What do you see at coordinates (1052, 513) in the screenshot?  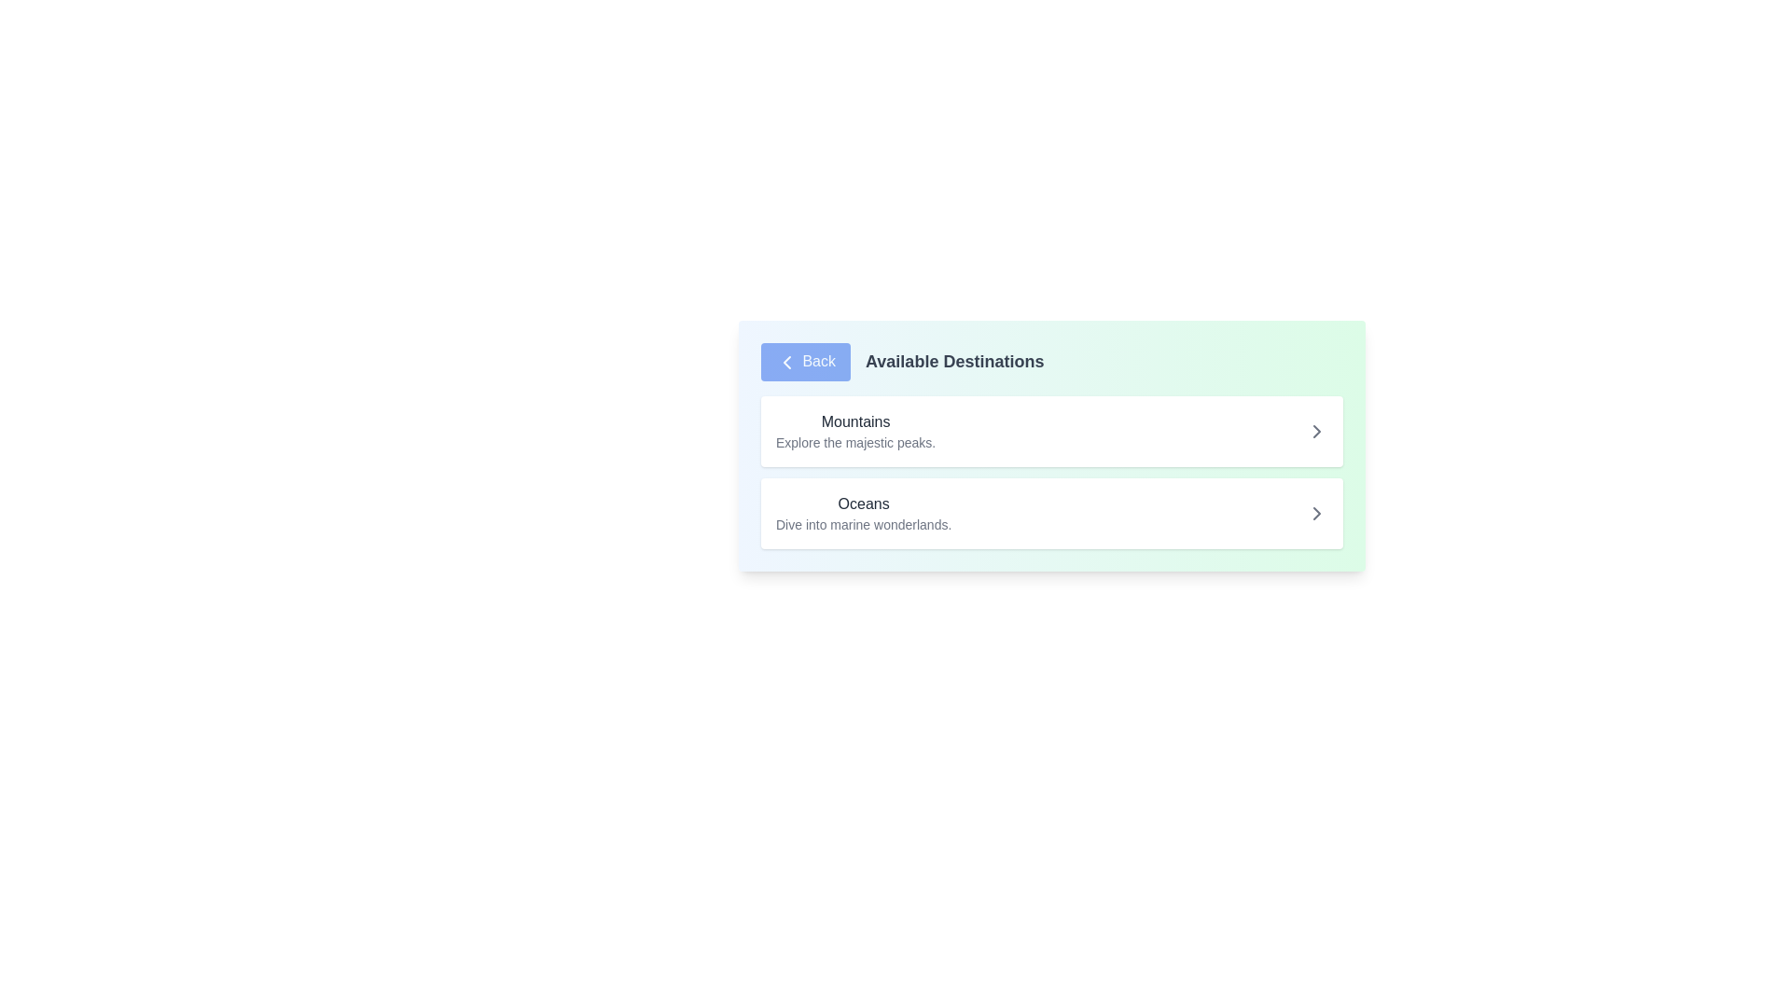 I see `the second selectable list item under 'Available Destinations'` at bounding box center [1052, 513].